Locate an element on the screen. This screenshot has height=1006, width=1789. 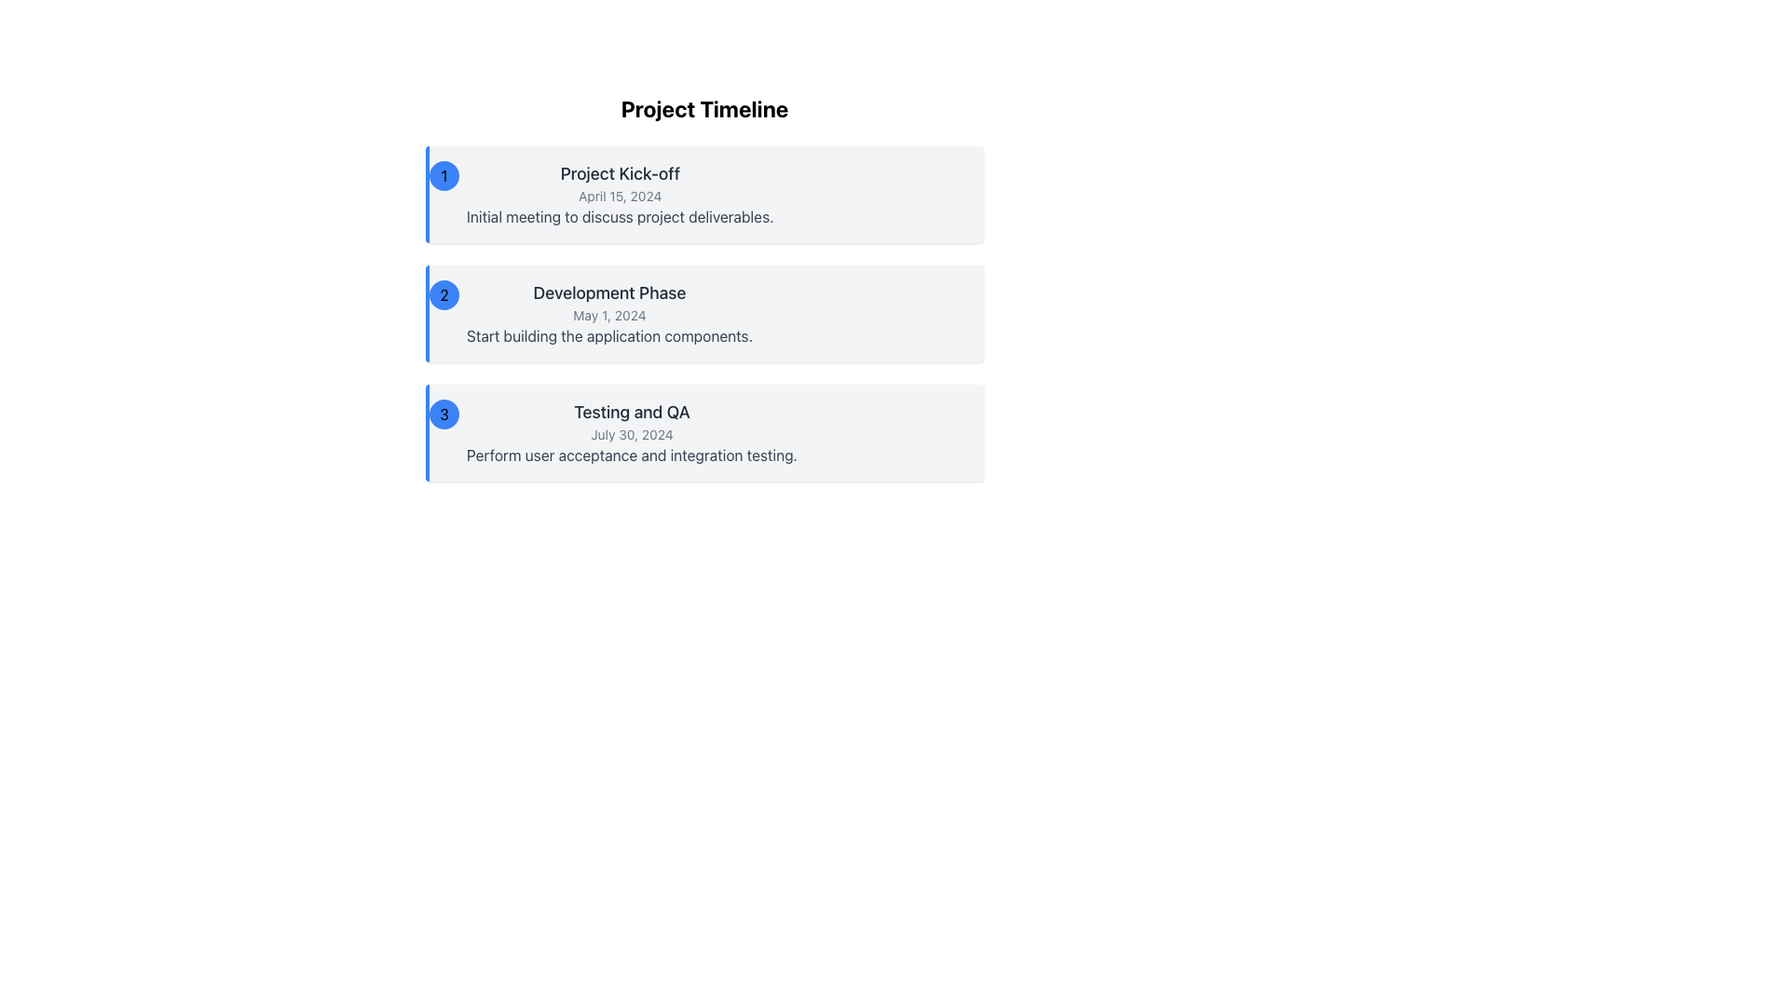
the static text element displaying 'Start building the application components.' located beneath the 'Development Phase' heading in the timeline section is located at coordinates (609, 336).